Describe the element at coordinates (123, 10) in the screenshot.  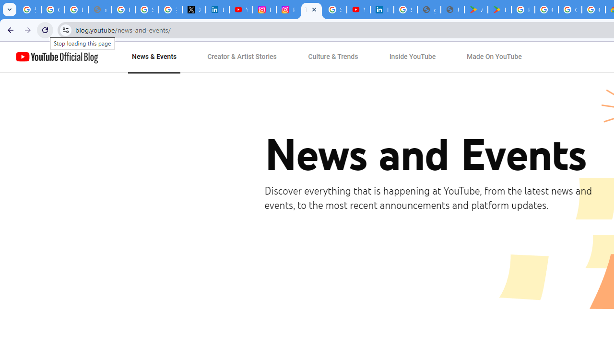
I see `'Privacy Help Center - Policies Help'` at that location.